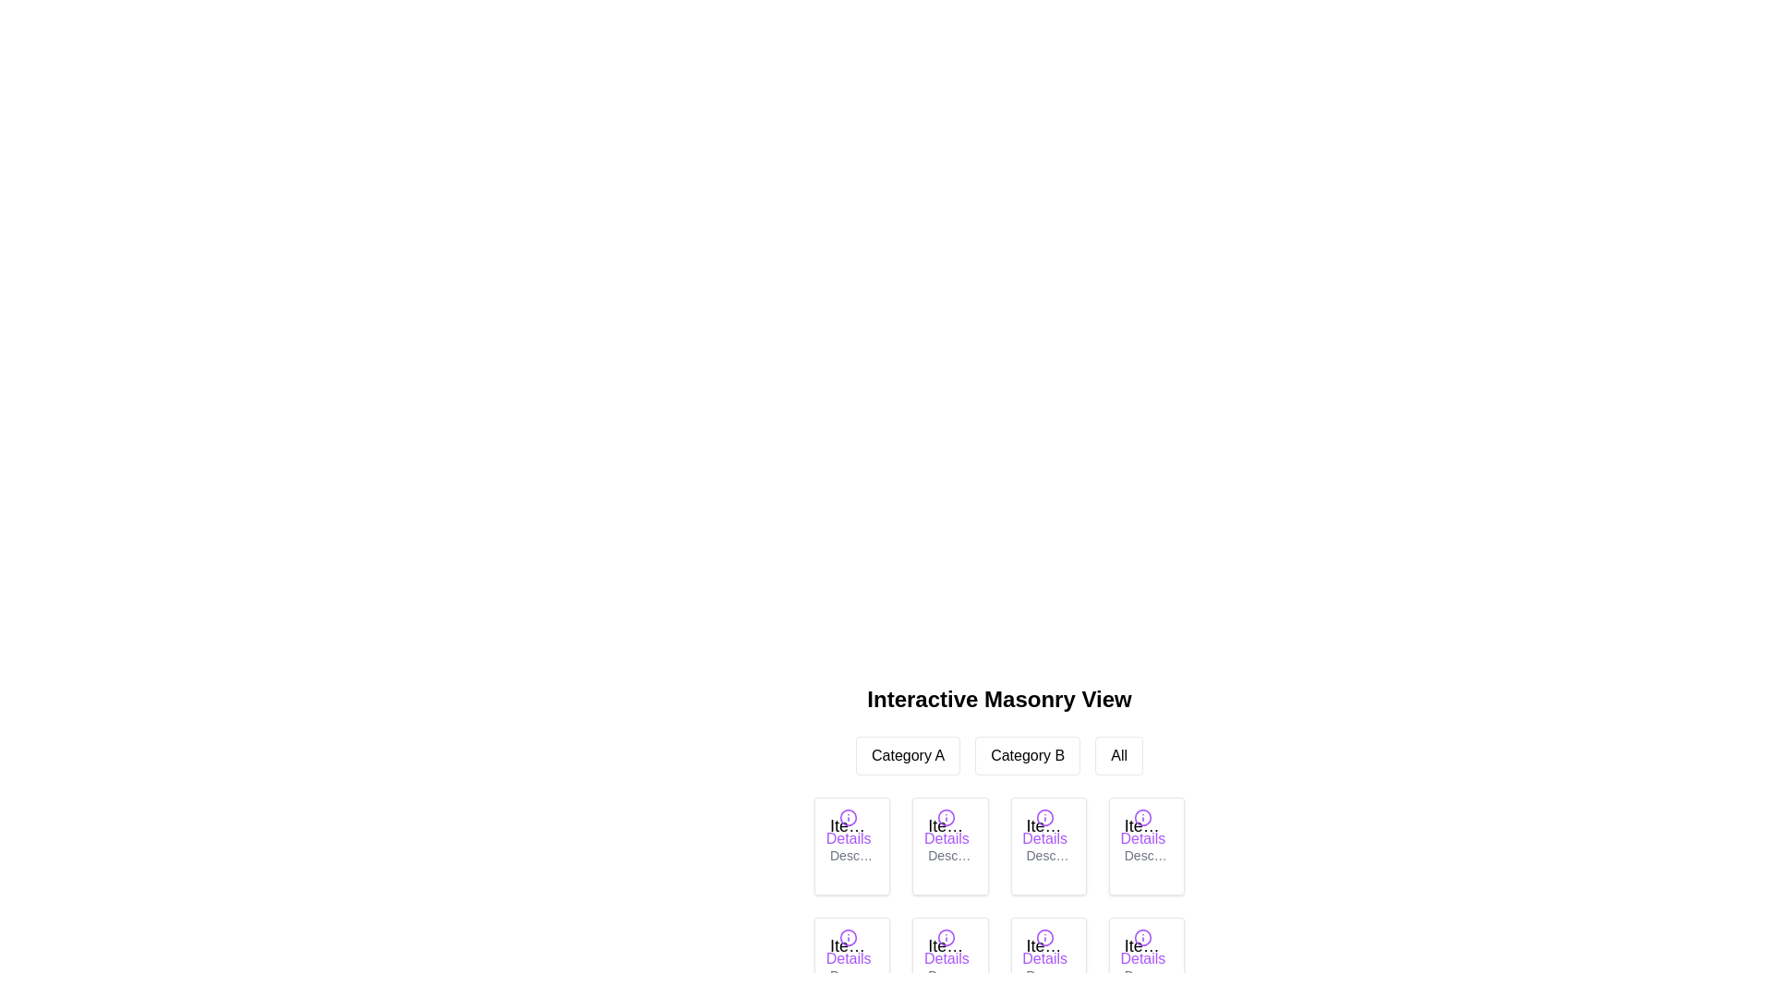 Image resolution: width=1773 pixels, height=997 pixels. Describe the element at coordinates (848, 947) in the screenshot. I see `the interactive text link labeled 'Details' with a purple color and an information icon on its left, located in the top-right corner of the fifth card in the grid layout` at that location.